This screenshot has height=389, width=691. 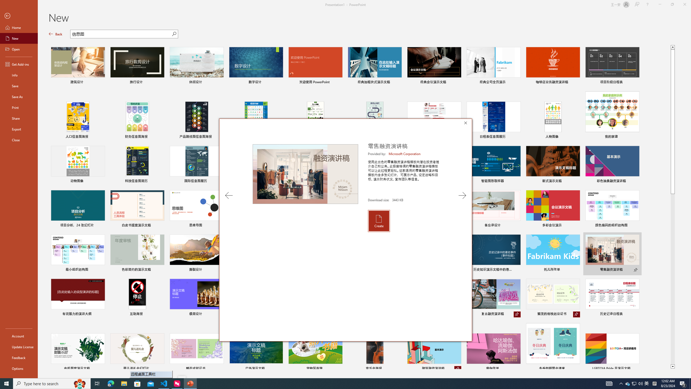 I want to click on 'Next Template', so click(x=462, y=195).